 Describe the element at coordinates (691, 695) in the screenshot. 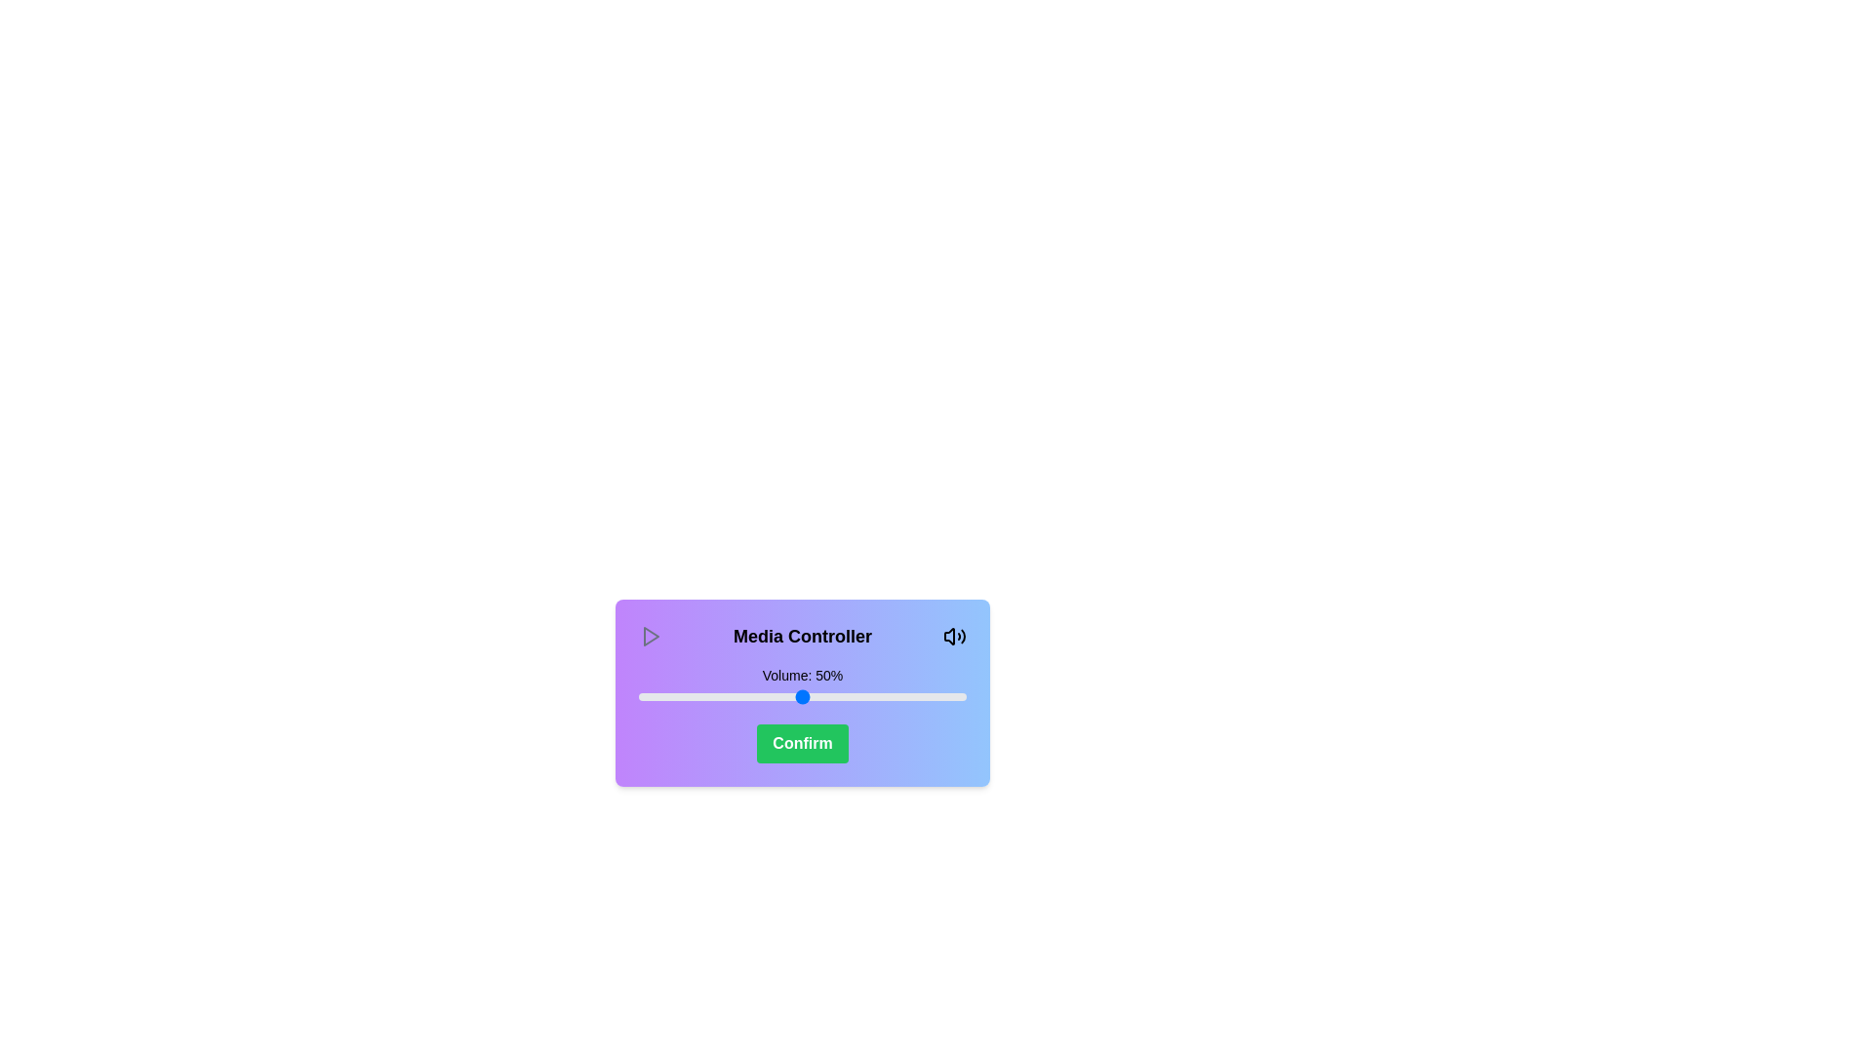

I see `the volume slider to 16%` at that location.